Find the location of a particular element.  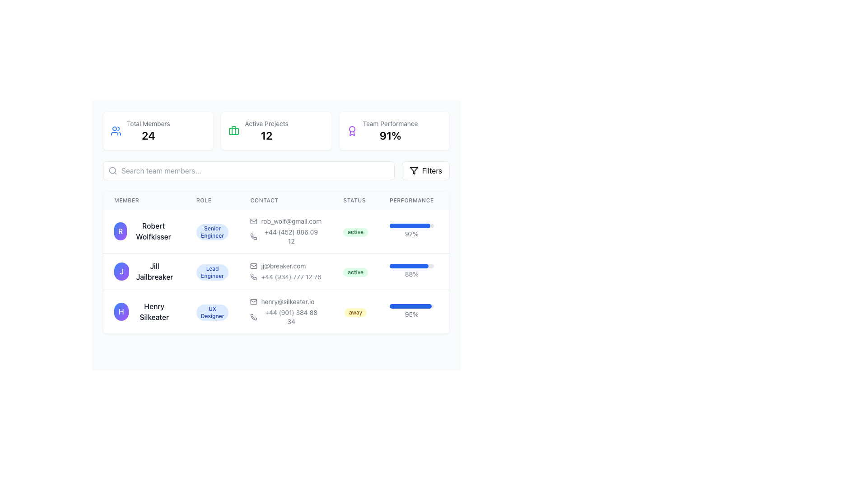

the phone icon located in the 'Contact' column associated with the name 'Robert Wolfkisser', which serves as a visual cue for the contact number is located at coordinates (253, 236).